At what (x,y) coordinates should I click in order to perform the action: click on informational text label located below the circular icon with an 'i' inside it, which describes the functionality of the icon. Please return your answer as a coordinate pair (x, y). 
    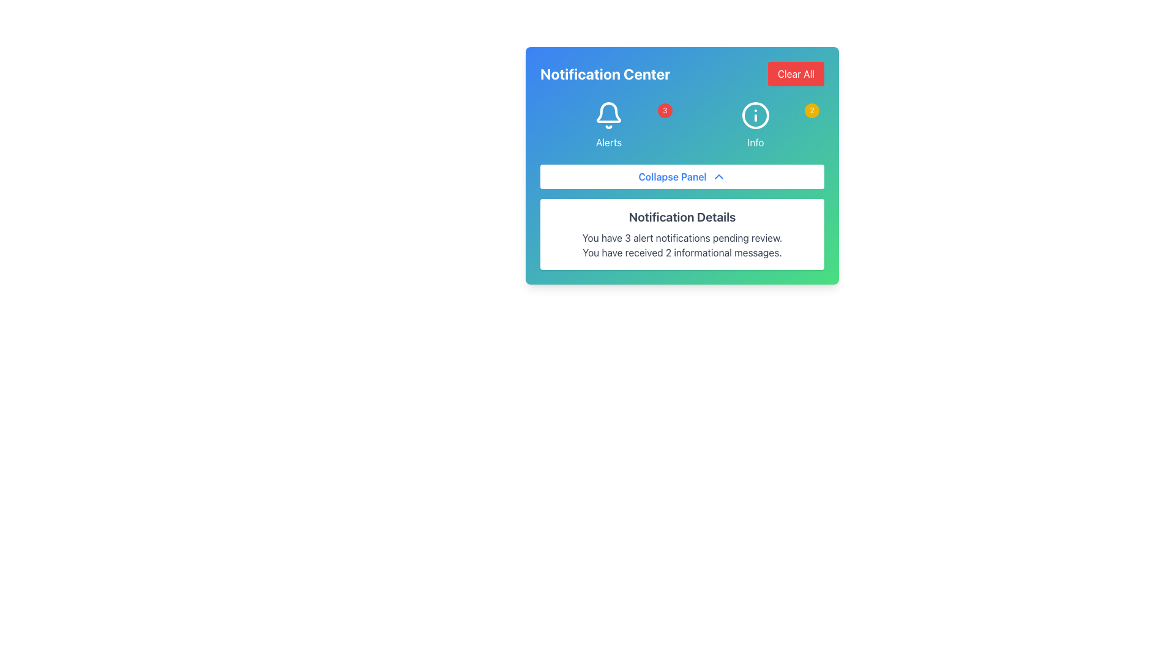
    Looking at the image, I should click on (755, 141).